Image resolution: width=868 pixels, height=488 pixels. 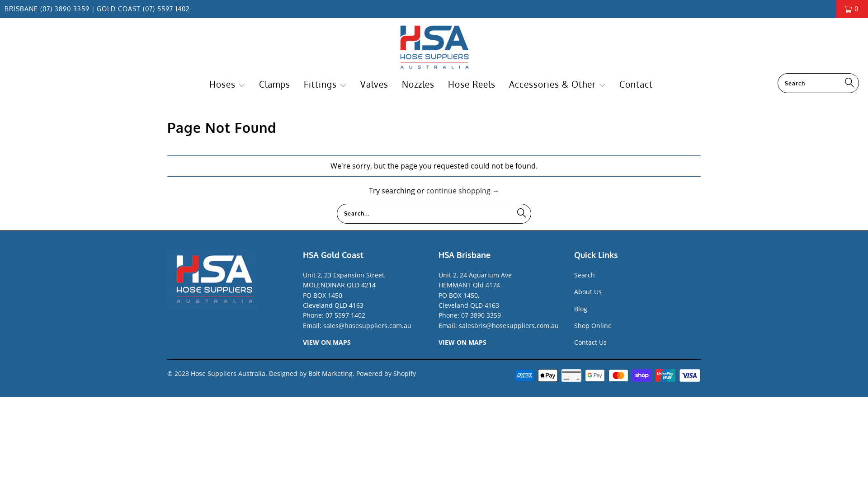 What do you see at coordinates (593, 325) in the screenshot?
I see `'Shop Online'` at bounding box center [593, 325].